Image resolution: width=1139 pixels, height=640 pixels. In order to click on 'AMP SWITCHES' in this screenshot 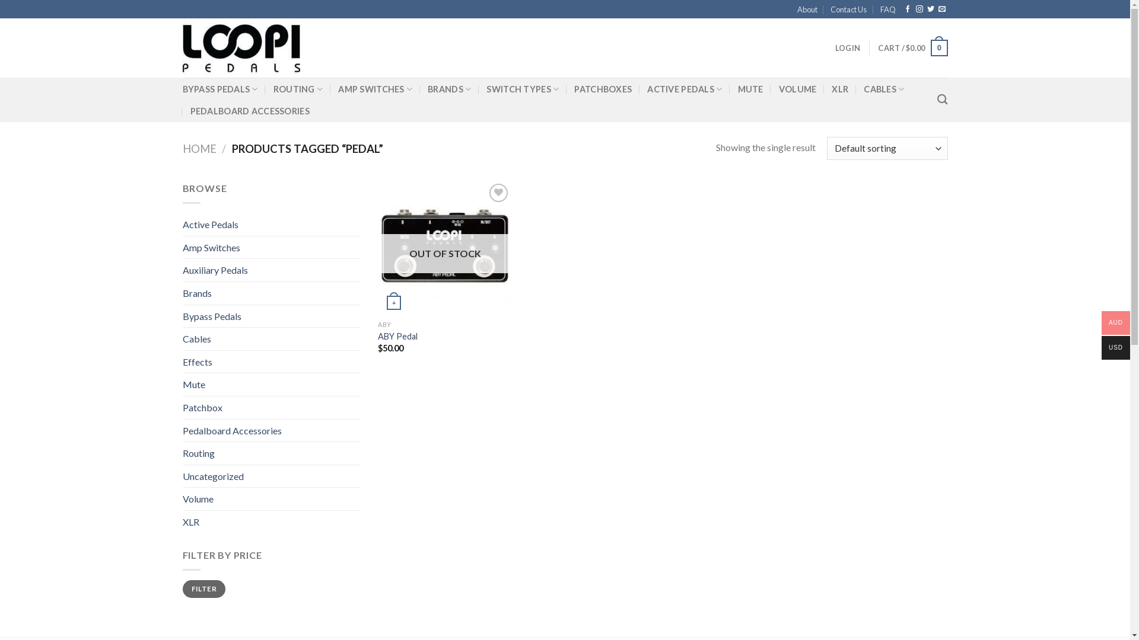, I will do `click(338, 88)`.